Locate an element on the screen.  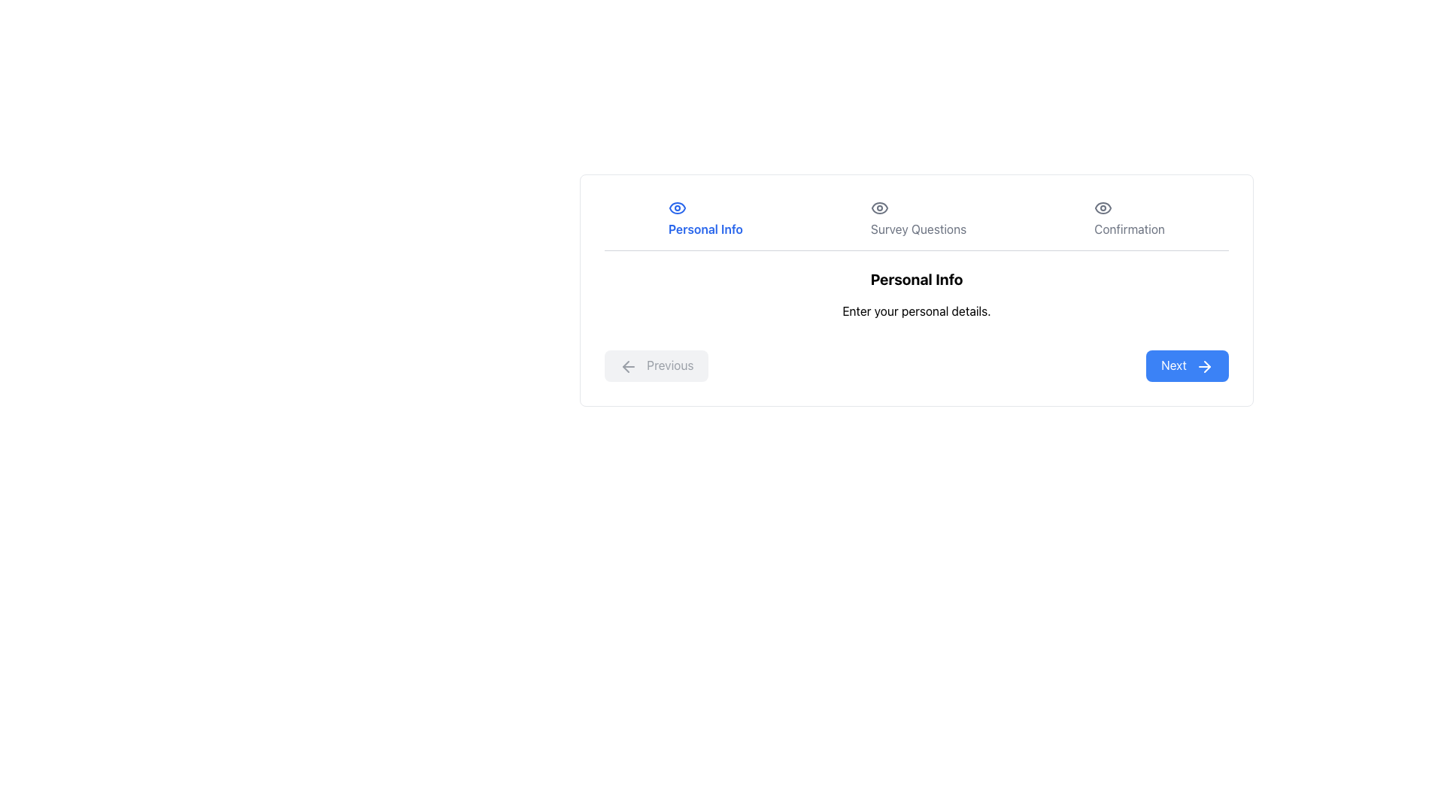
the decorative icon inside the 'Next' button, located at the bottom-right of the card for form navigation steps is located at coordinates (1207, 366).